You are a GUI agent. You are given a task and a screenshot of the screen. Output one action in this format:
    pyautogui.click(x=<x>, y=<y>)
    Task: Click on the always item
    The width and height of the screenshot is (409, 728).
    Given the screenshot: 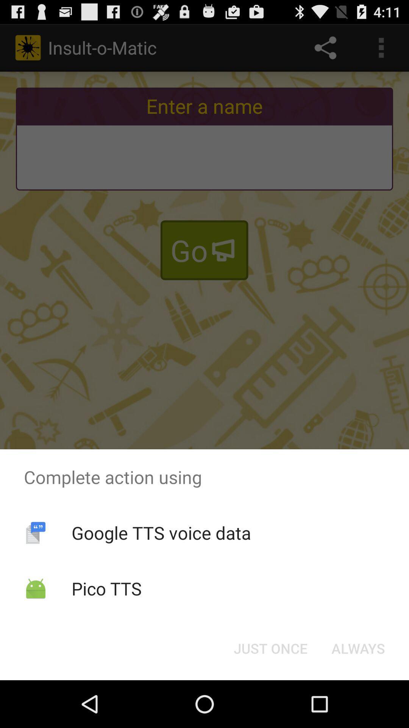 What is the action you would take?
    pyautogui.click(x=358, y=648)
    